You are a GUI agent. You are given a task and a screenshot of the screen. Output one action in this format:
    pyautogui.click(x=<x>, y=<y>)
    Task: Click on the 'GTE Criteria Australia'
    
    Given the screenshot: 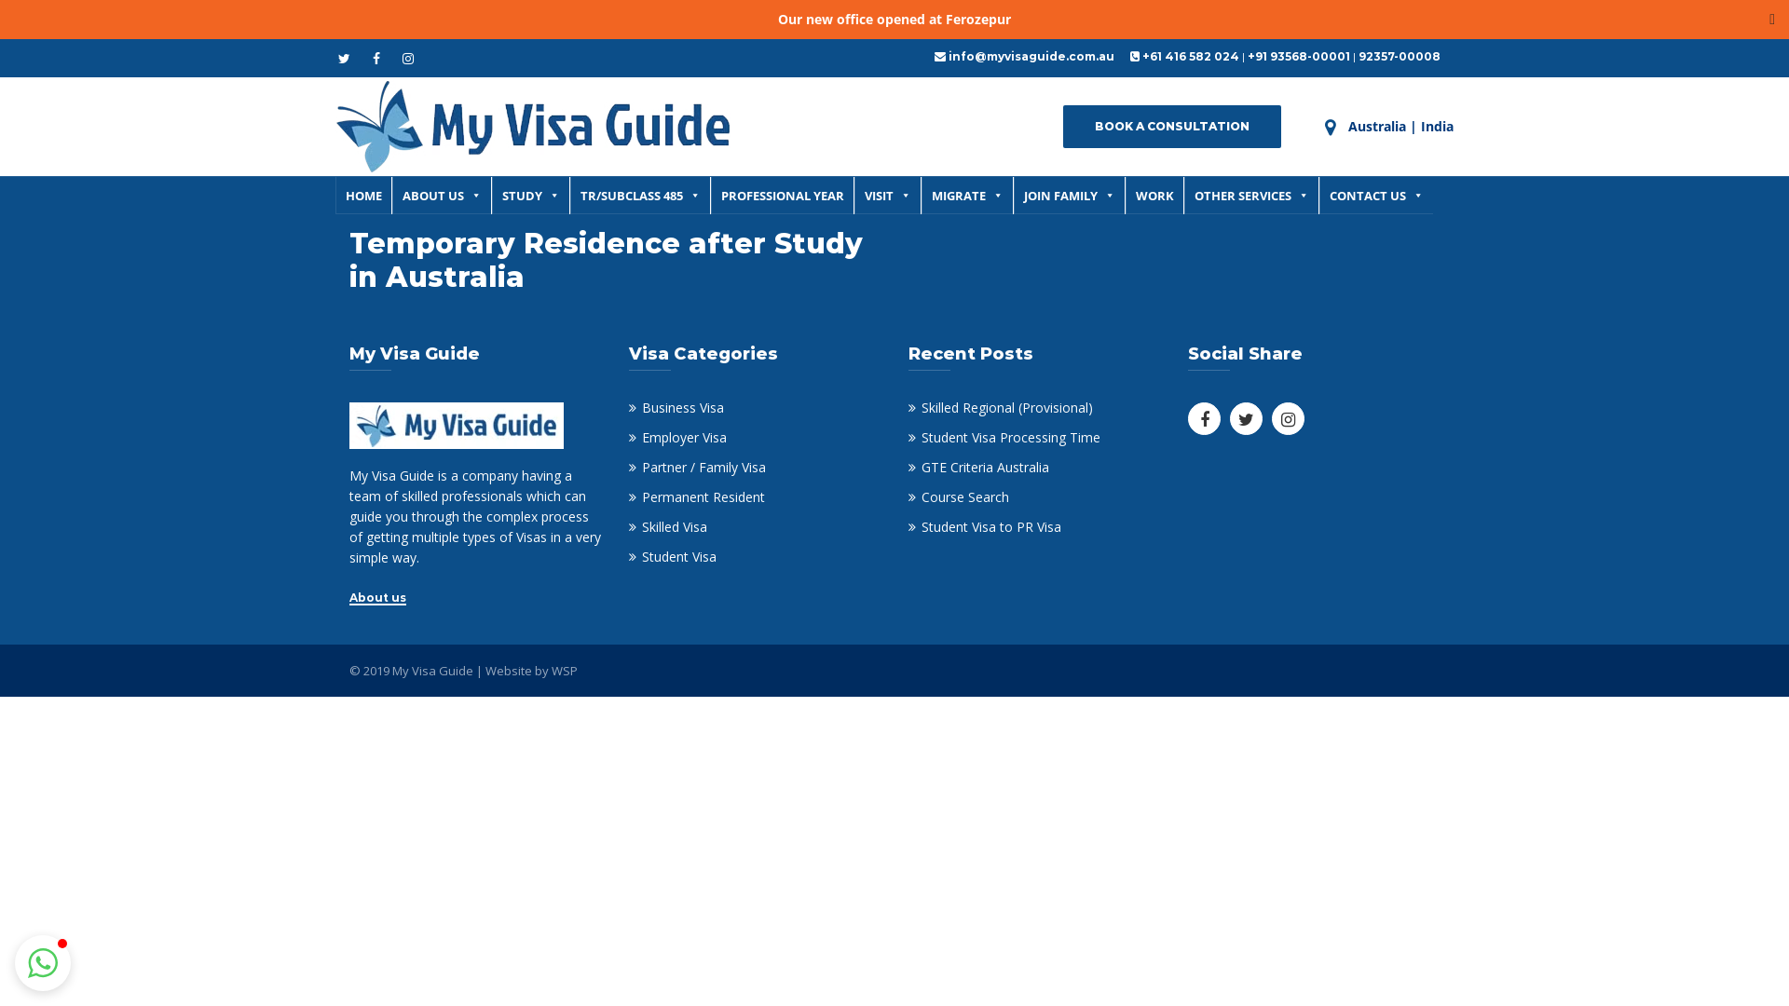 What is the action you would take?
    pyautogui.click(x=977, y=466)
    